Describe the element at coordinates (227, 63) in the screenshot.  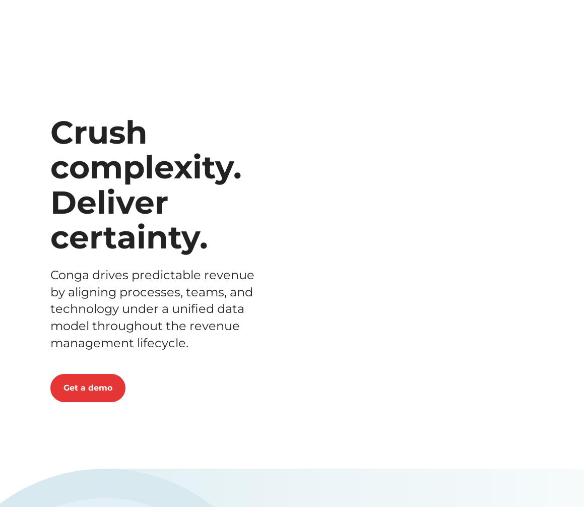
I see `'Get a demo'` at that location.